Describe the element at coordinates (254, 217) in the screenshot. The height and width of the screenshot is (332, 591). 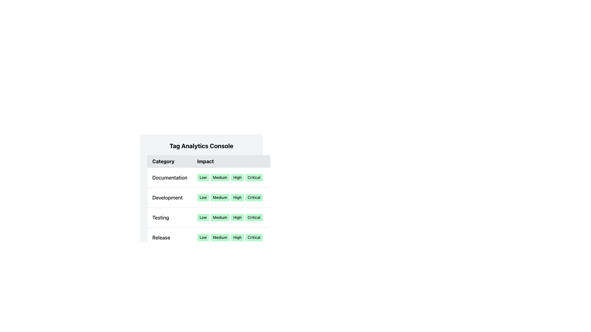
I see `the 'Critical' badge, which is a small rectangular badge with rounded edges, light green background, and bold black text, located in the last position of a group of four badges in the 'Impact' column of the 'Testing' row` at that location.